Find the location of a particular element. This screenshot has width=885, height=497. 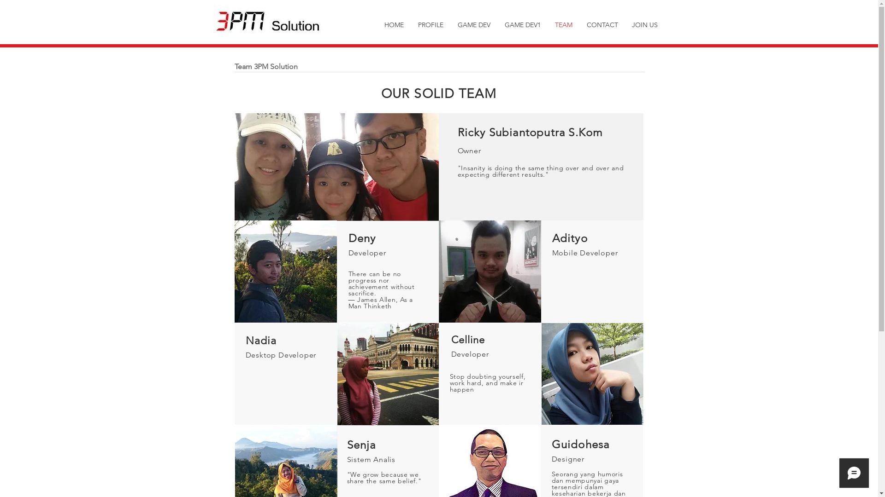

'TEAM' is located at coordinates (563, 24).